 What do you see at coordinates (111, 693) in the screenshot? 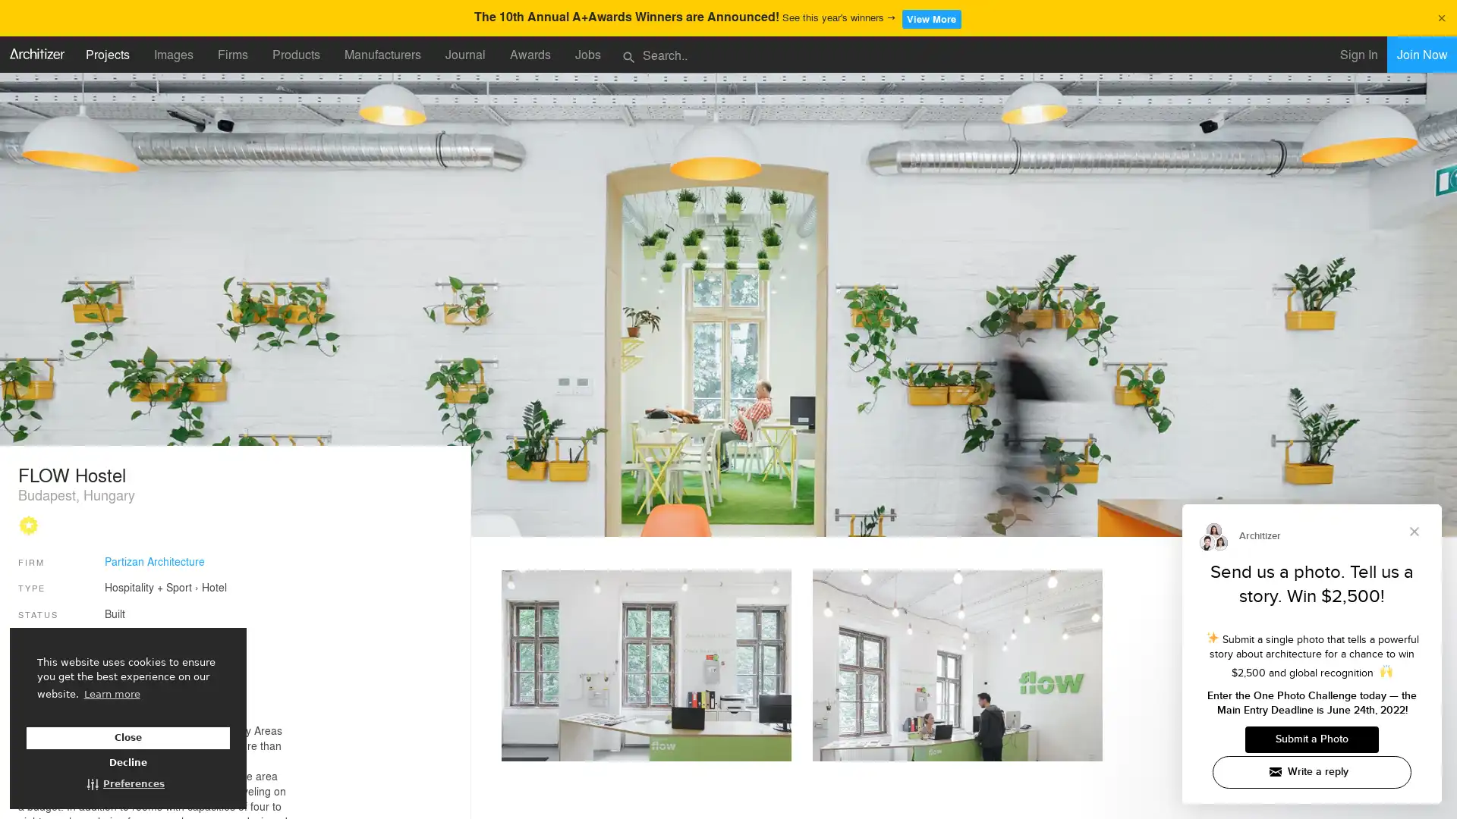
I see `learn more about cookies` at bounding box center [111, 693].